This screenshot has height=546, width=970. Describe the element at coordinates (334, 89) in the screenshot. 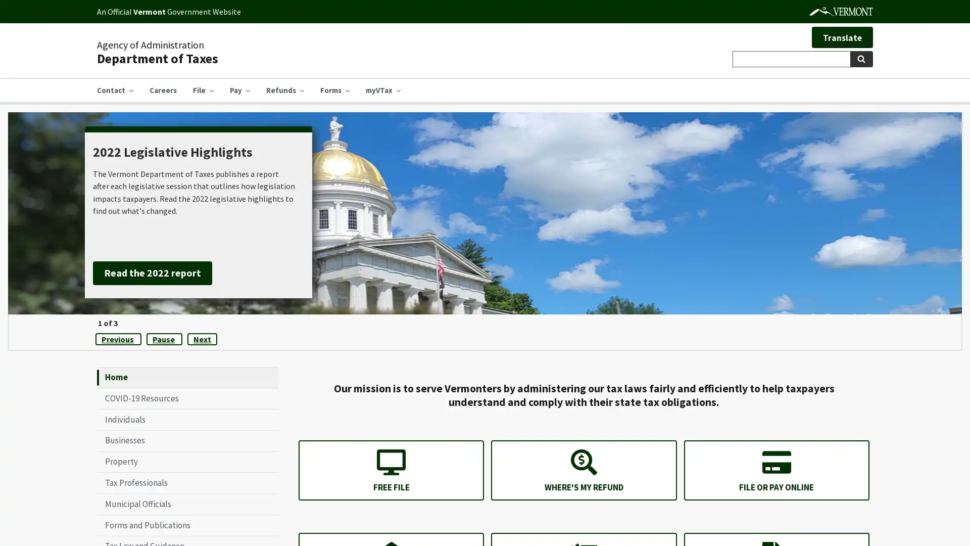

I see `Forms` at that location.